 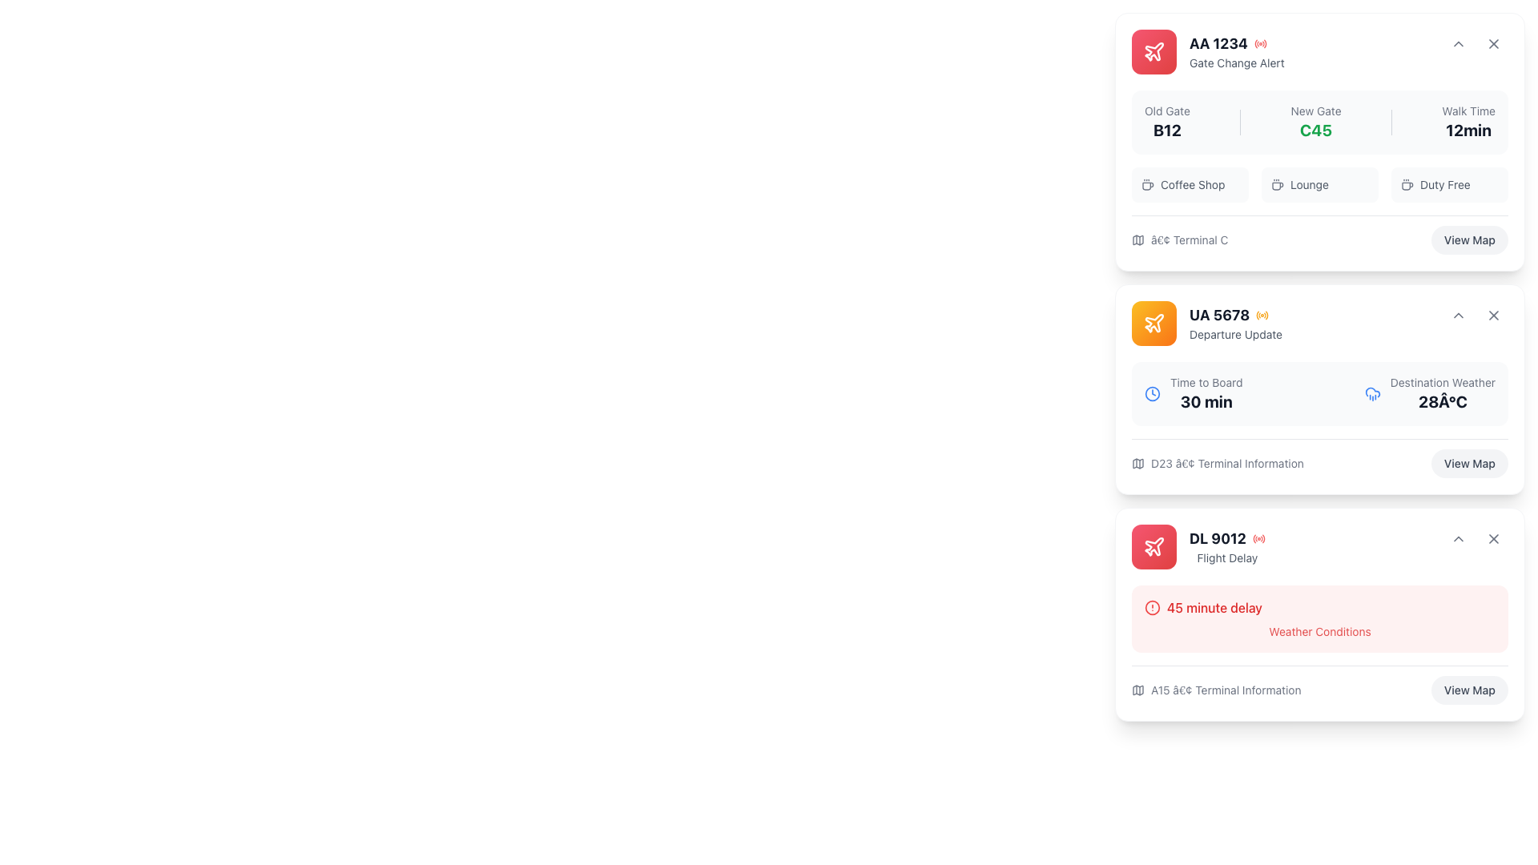 I want to click on the flight identifier element displaying 'AA 1234' with the red signal icon, located at the top left of the 'Gate Change Alert' notification card, so click(x=1236, y=42).